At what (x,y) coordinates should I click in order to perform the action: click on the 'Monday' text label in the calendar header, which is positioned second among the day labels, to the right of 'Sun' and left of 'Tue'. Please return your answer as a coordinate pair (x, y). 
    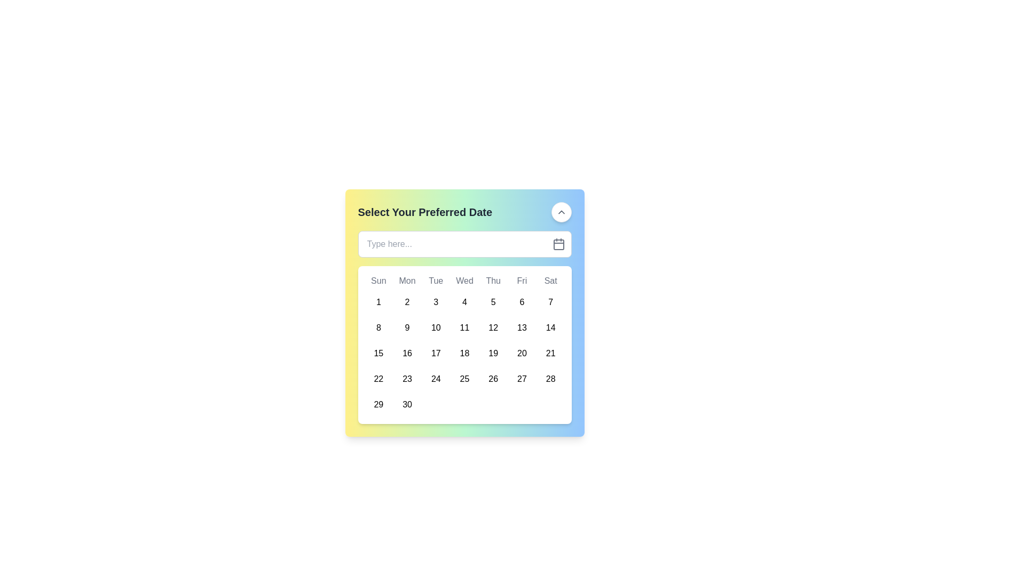
    Looking at the image, I should click on (407, 281).